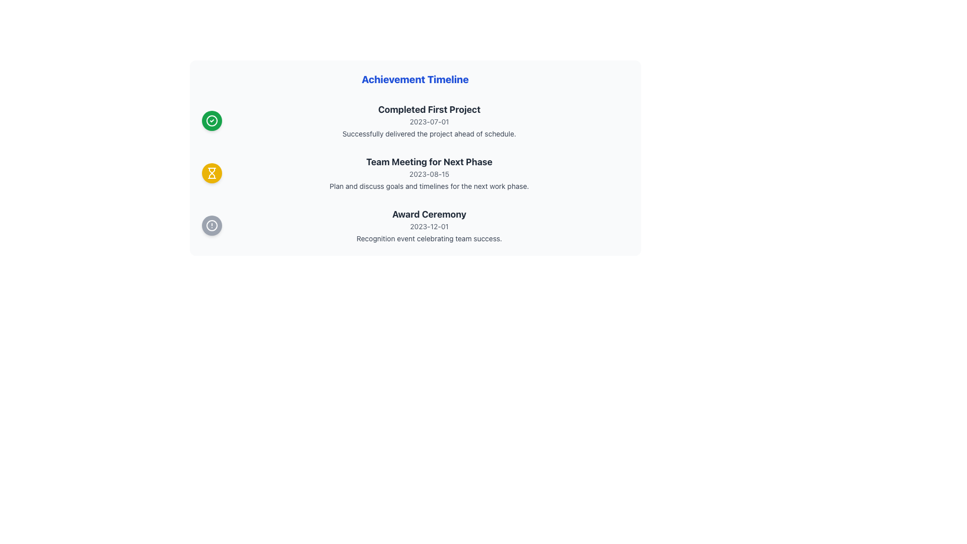  Describe the element at coordinates (429, 174) in the screenshot. I see `date displayed in the text block element, which shows '2023-08-15' and is located below the title 'Team Meeting for Next Phase'` at that location.